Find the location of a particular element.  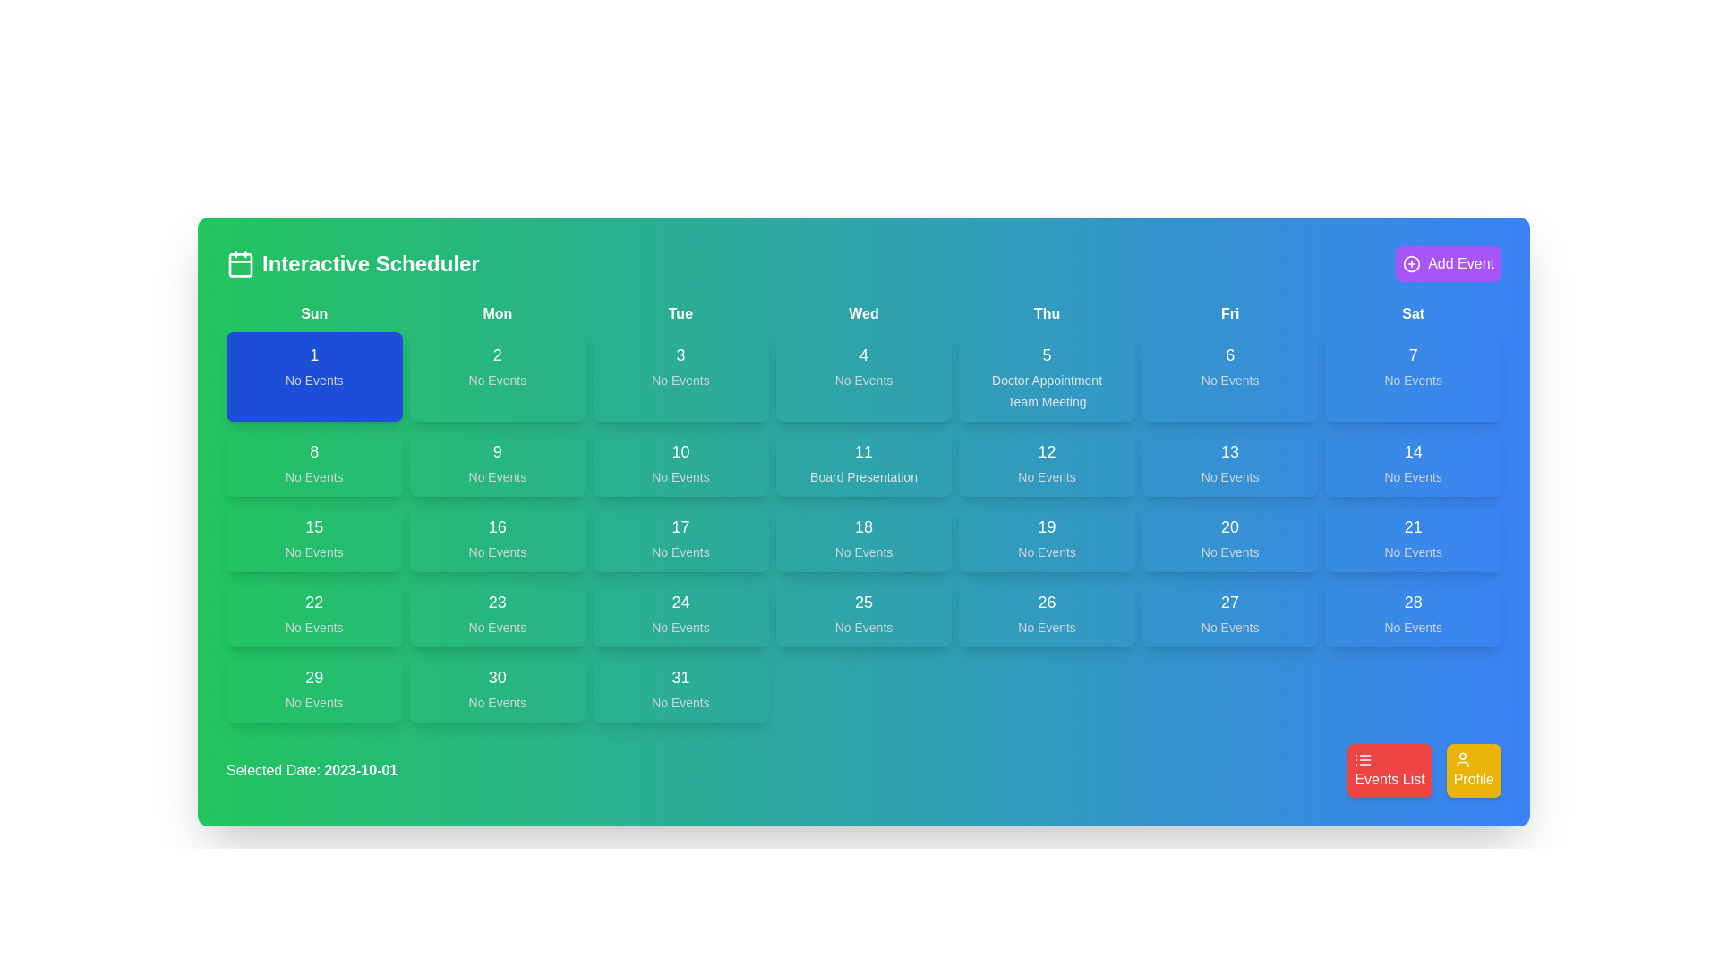

the list icon located above the red button labeled 'Events List' is located at coordinates (1362, 759).